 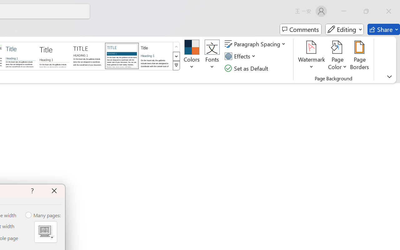 I want to click on 'Row up', so click(x=176, y=47).